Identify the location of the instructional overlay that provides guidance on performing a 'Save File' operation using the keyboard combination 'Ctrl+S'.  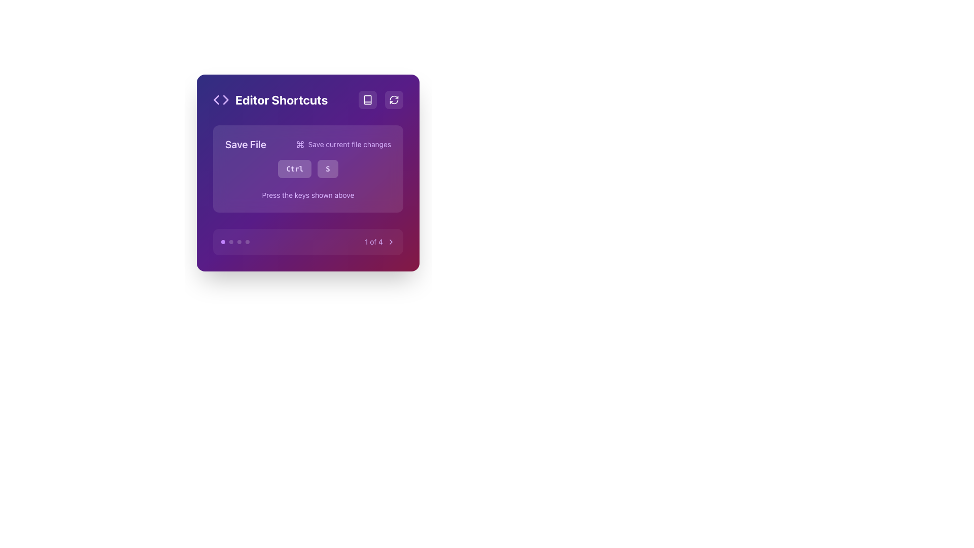
(307, 168).